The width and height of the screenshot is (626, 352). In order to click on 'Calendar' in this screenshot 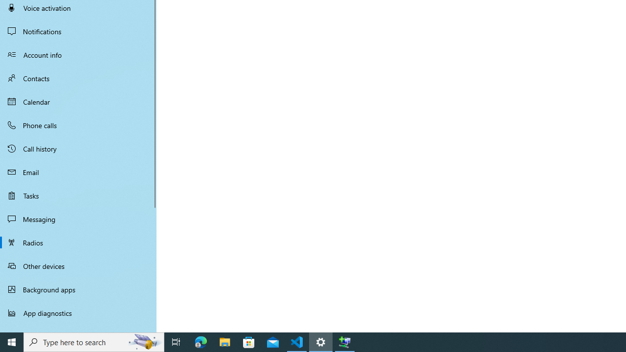, I will do `click(78, 102)`.